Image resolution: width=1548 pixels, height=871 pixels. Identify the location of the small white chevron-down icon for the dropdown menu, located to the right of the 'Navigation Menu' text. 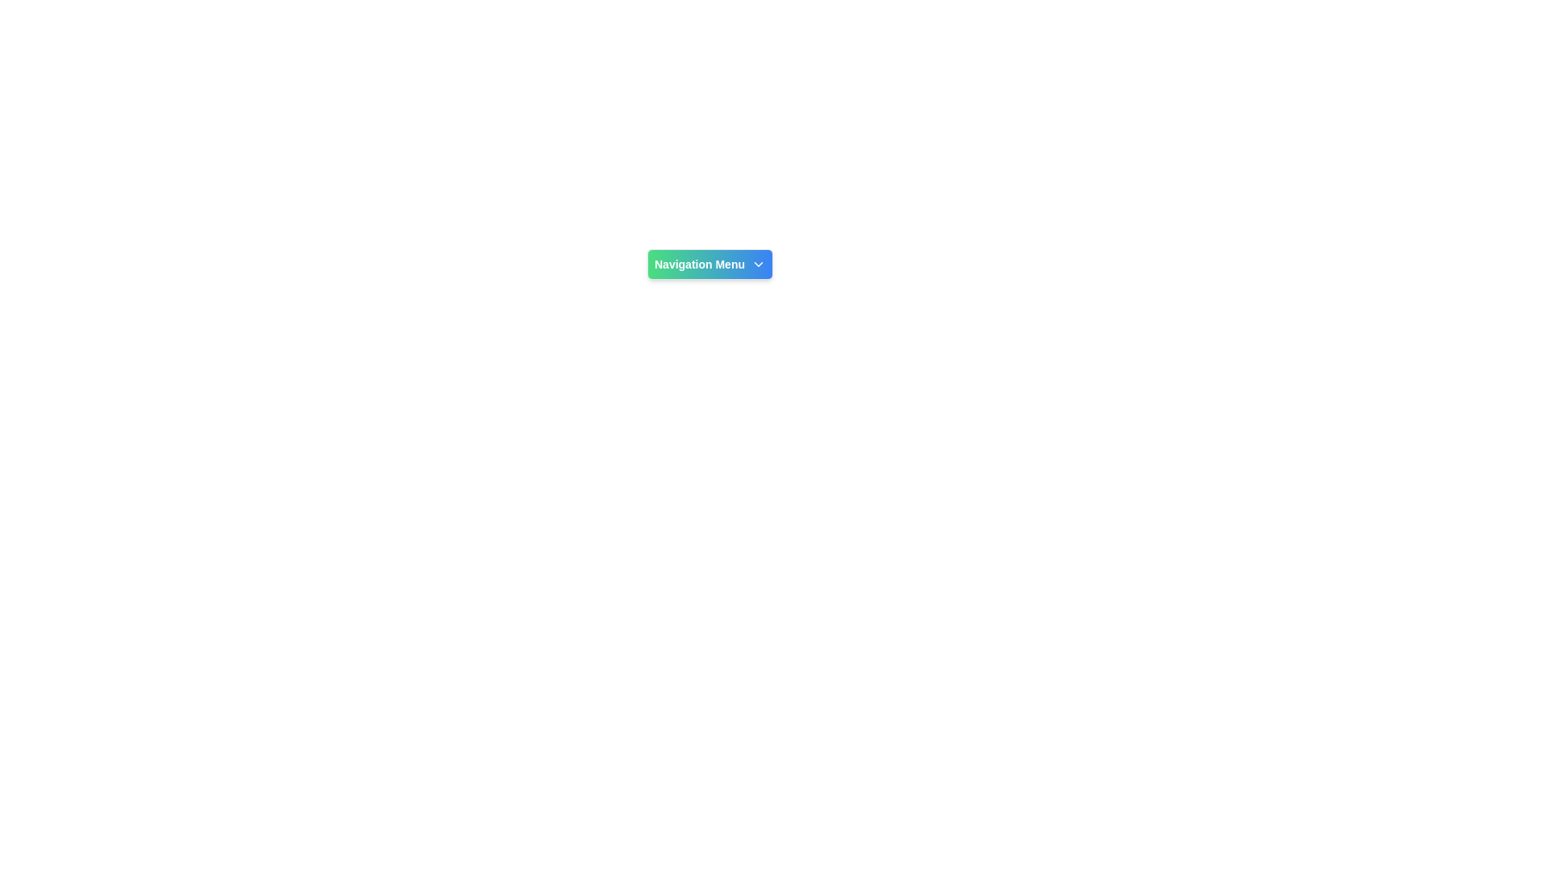
(757, 263).